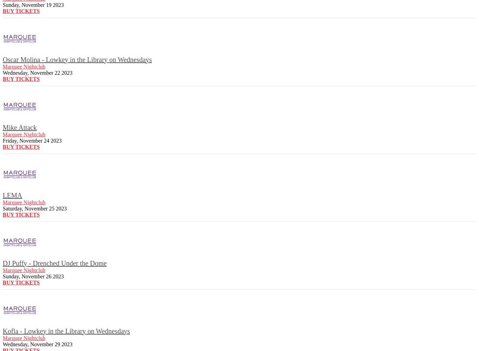  I want to click on 'Wednesday, November 29 2023', so click(37, 343).